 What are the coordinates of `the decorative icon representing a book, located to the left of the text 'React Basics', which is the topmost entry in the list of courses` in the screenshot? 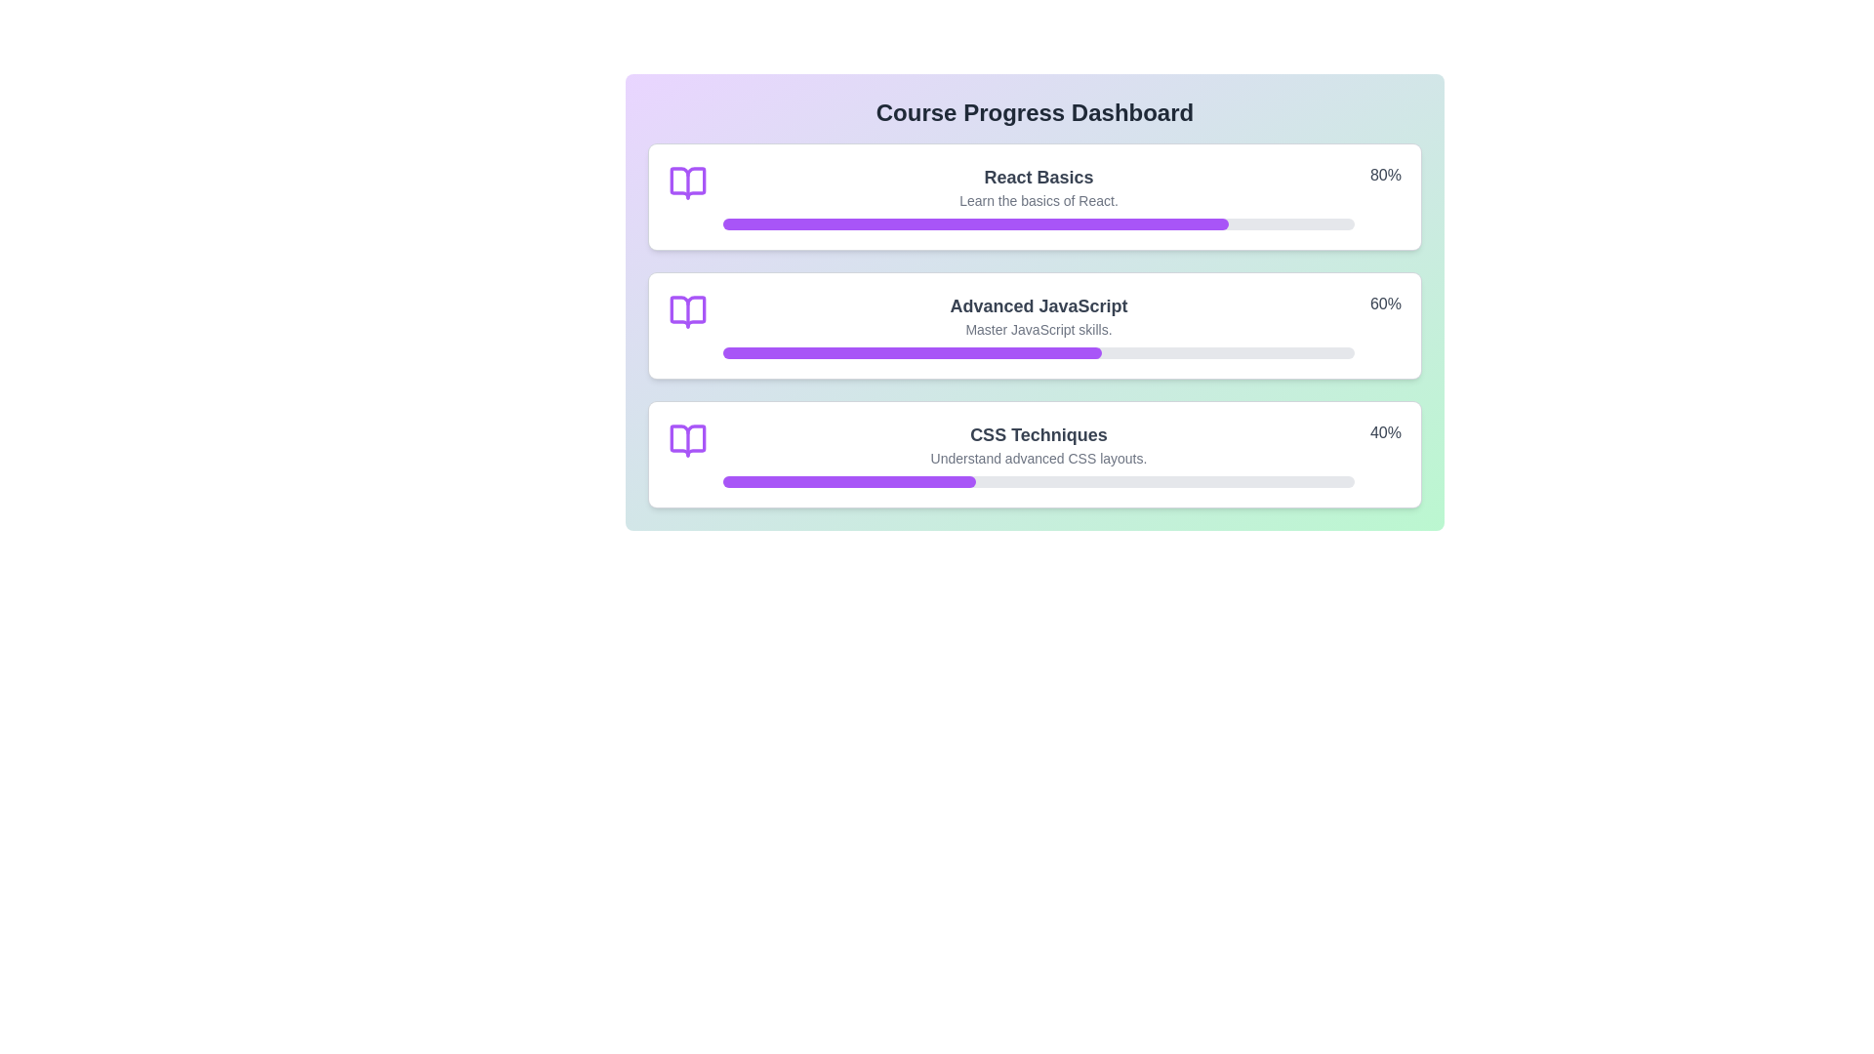 It's located at (688, 183).